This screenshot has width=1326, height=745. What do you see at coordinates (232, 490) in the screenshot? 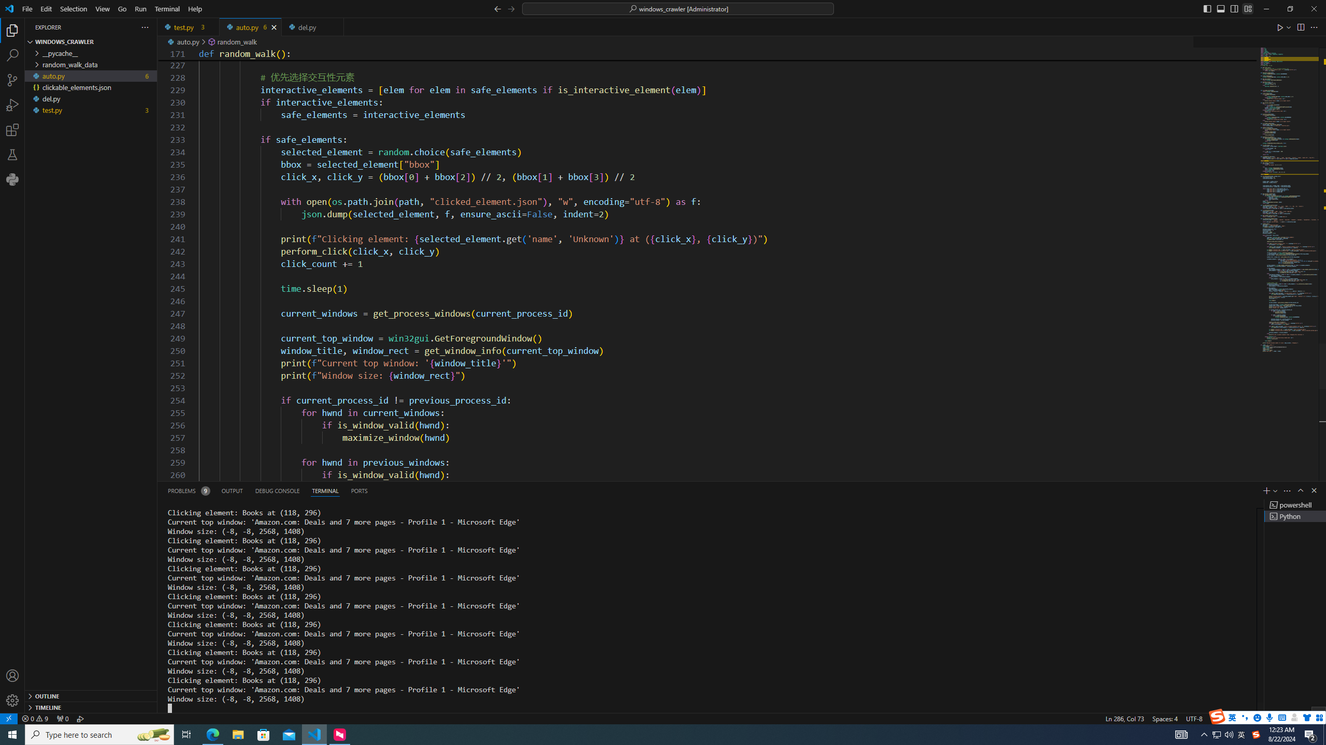
I see `'Output (Ctrl+Shift+U)'` at bounding box center [232, 490].